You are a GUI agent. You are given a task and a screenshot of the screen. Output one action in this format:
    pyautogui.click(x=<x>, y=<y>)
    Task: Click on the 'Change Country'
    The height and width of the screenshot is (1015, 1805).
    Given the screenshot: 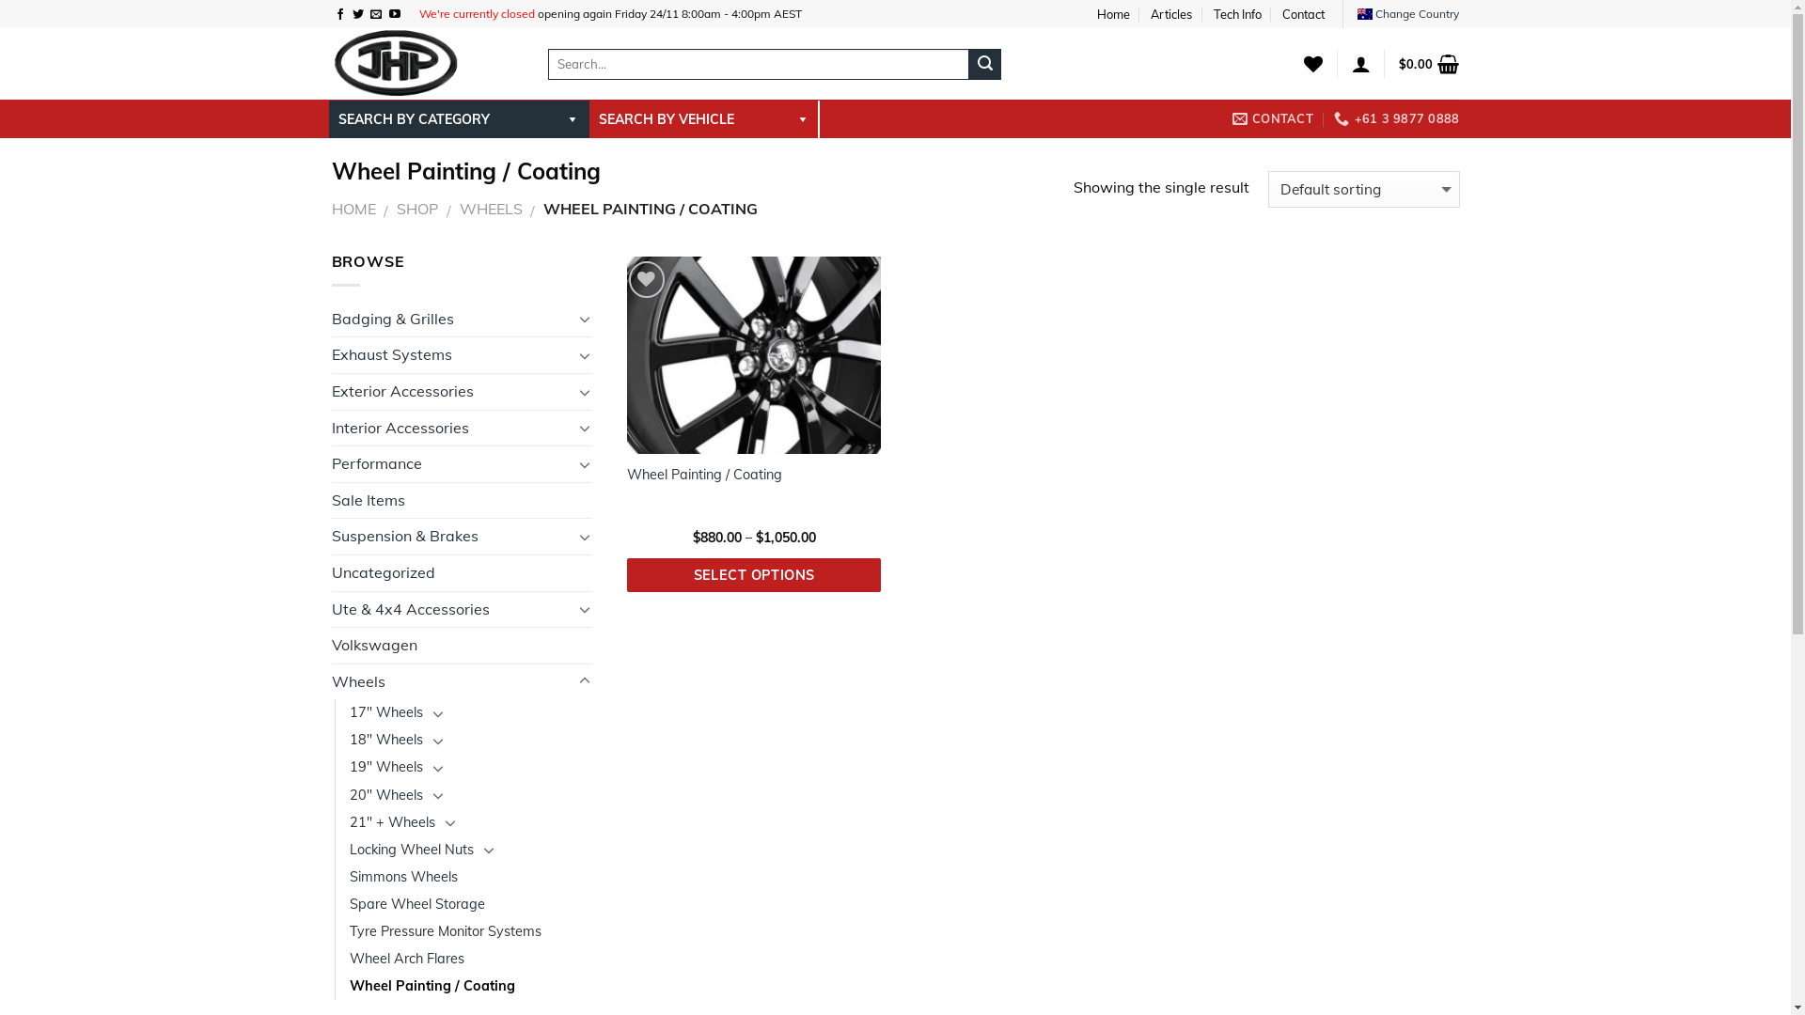 What is the action you would take?
    pyautogui.click(x=1407, y=13)
    